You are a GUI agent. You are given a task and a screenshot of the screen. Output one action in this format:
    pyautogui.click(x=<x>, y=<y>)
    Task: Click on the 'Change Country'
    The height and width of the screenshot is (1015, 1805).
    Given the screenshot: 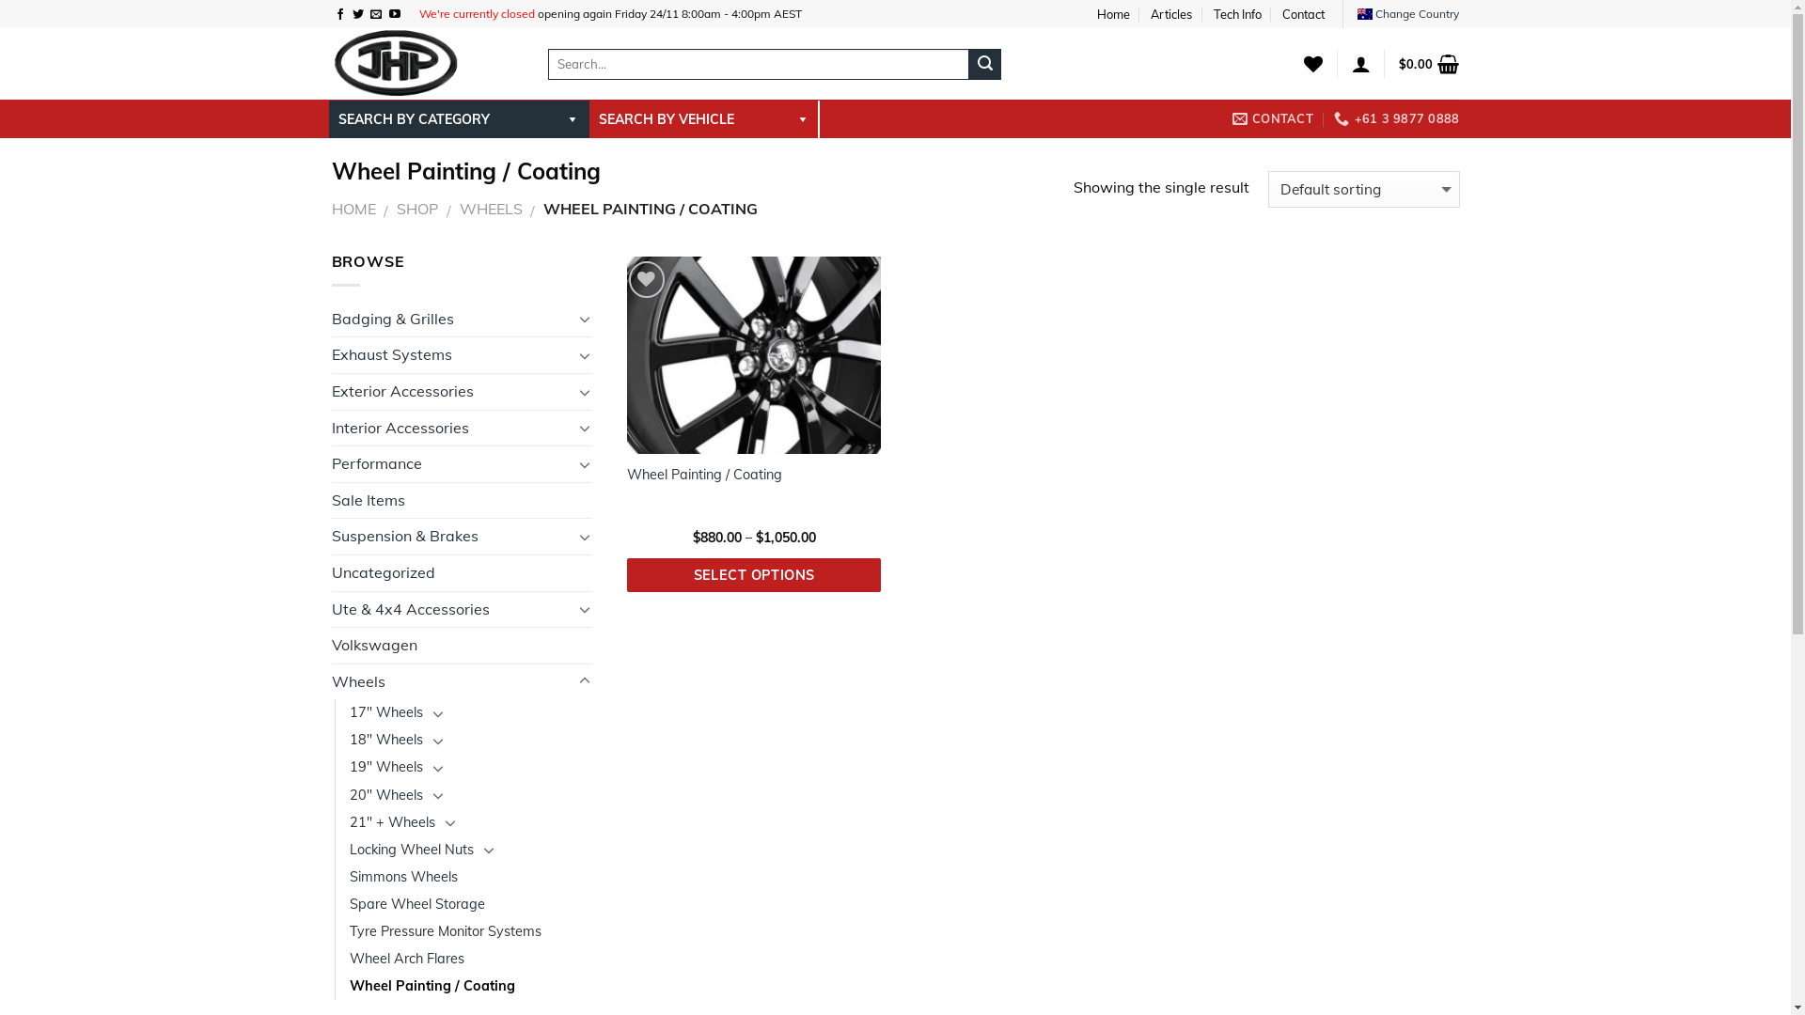 What is the action you would take?
    pyautogui.click(x=1407, y=13)
    